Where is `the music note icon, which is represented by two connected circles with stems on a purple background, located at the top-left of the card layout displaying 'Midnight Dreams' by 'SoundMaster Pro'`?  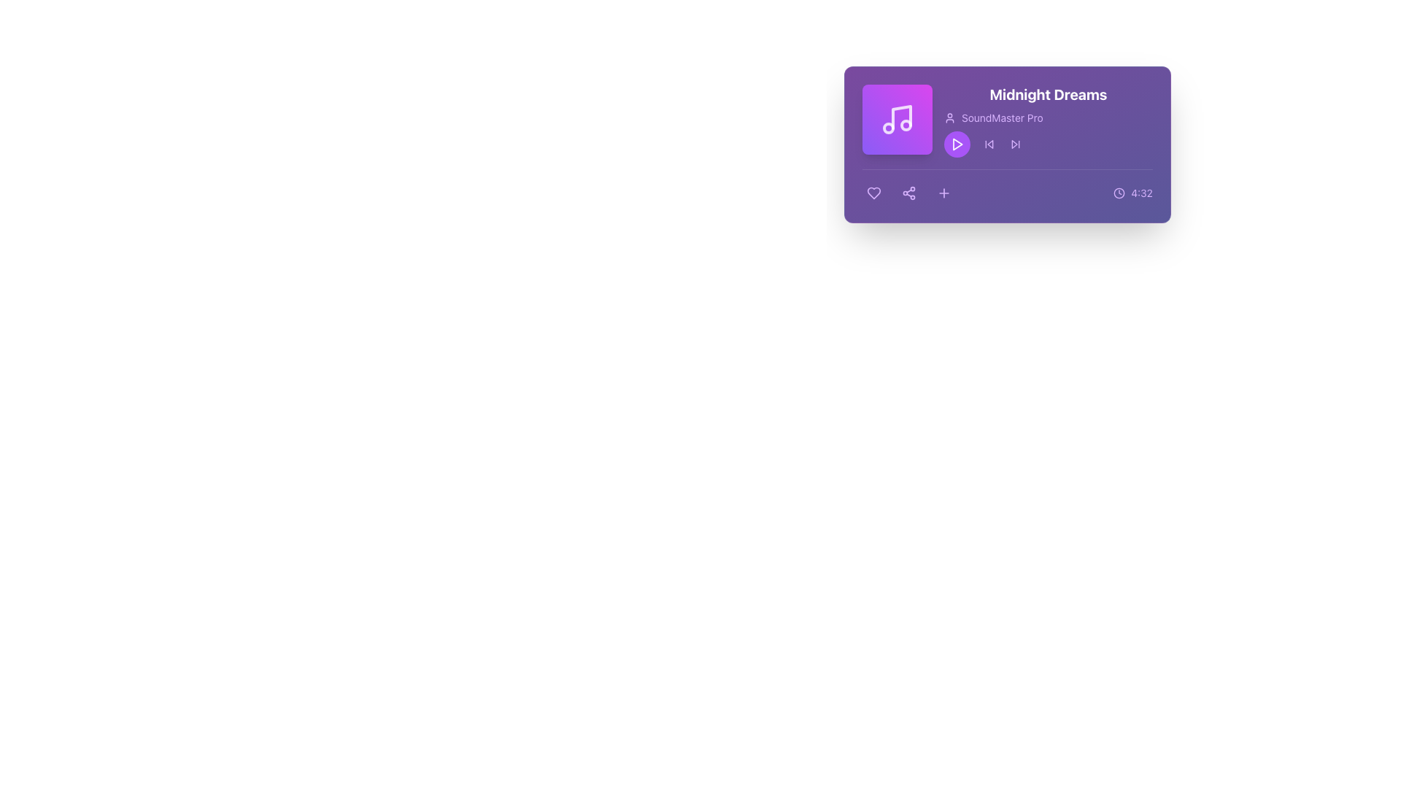 the music note icon, which is represented by two connected circles with stems on a purple background, located at the top-left of the card layout displaying 'Midnight Dreams' by 'SoundMaster Pro' is located at coordinates (896, 119).